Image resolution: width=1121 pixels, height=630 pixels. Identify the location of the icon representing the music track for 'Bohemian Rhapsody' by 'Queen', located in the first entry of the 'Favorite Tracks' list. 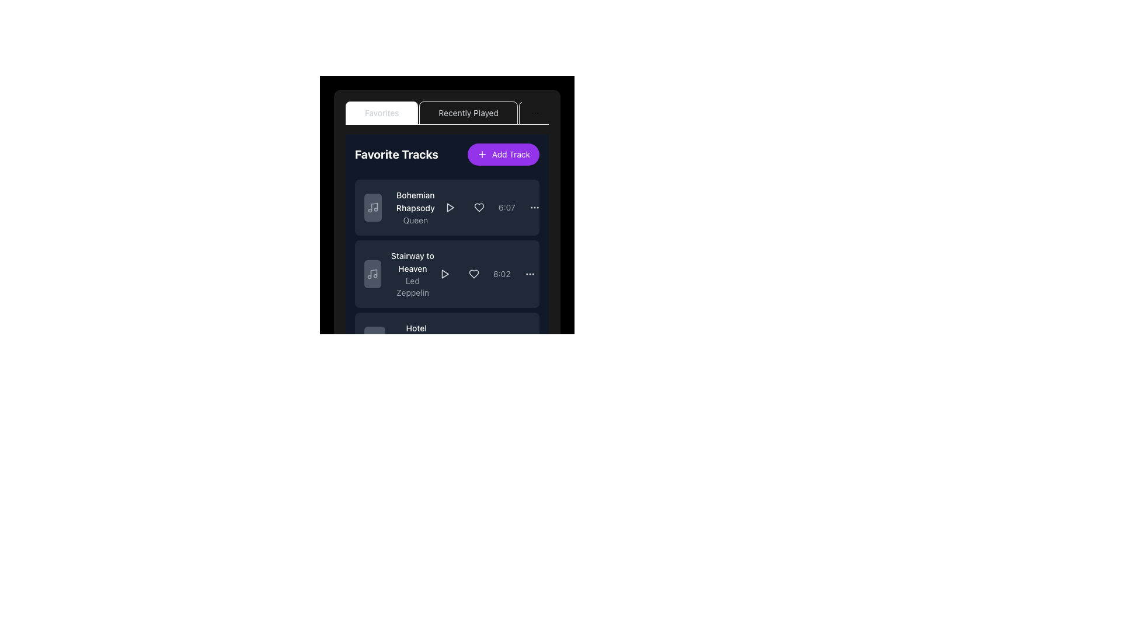
(372, 206).